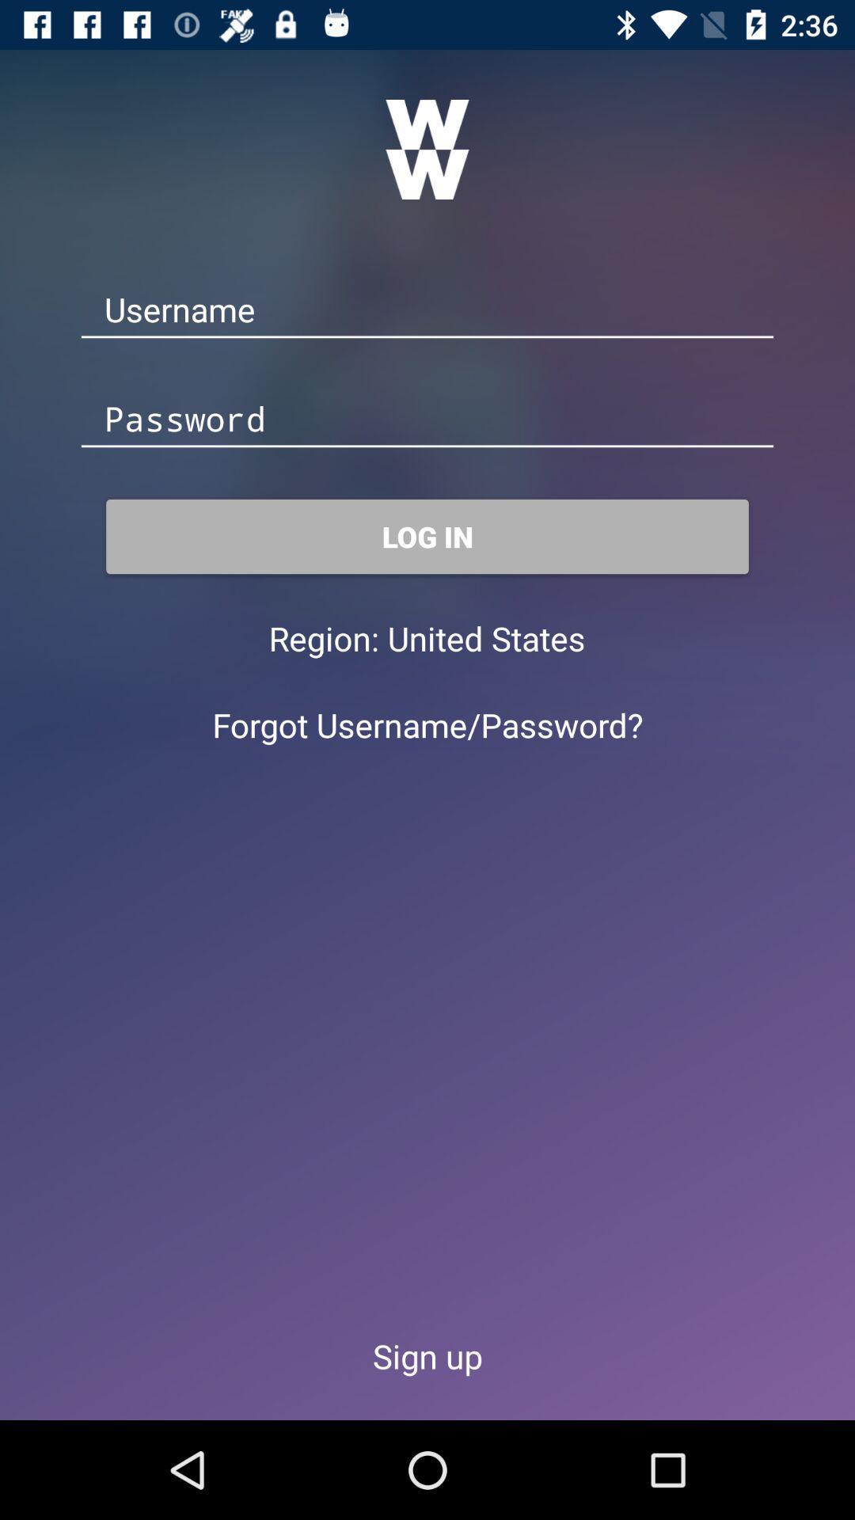 The width and height of the screenshot is (855, 1520). Describe the element at coordinates (427, 1355) in the screenshot. I see `the icon below forgot username/password?` at that location.